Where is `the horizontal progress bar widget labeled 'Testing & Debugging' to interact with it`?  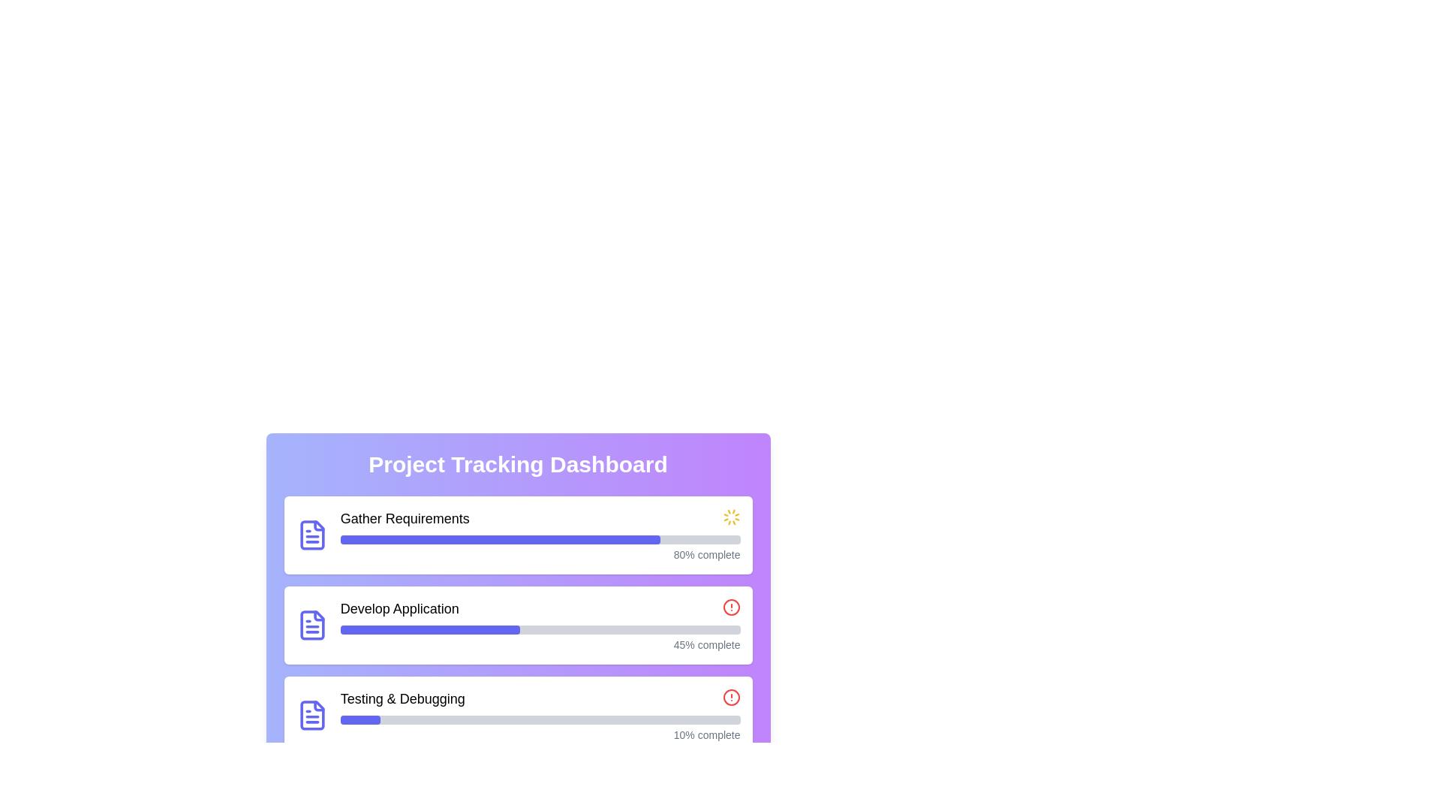
the horizontal progress bar widget labeled 'Testing & Debugging' to interact with it is located at coordinates (518, 714).